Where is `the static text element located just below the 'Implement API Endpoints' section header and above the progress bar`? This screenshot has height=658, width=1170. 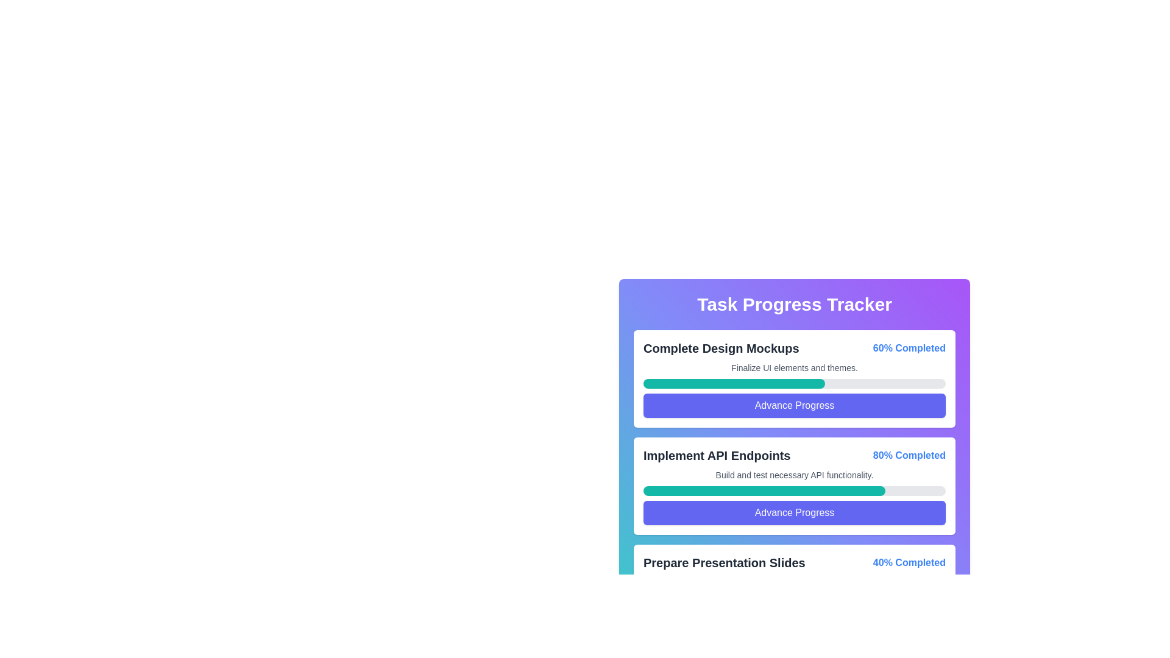 the static text element located just below the 'Implement API Endpoints' section header and above the progress bar is located at coordinates (795, 474).